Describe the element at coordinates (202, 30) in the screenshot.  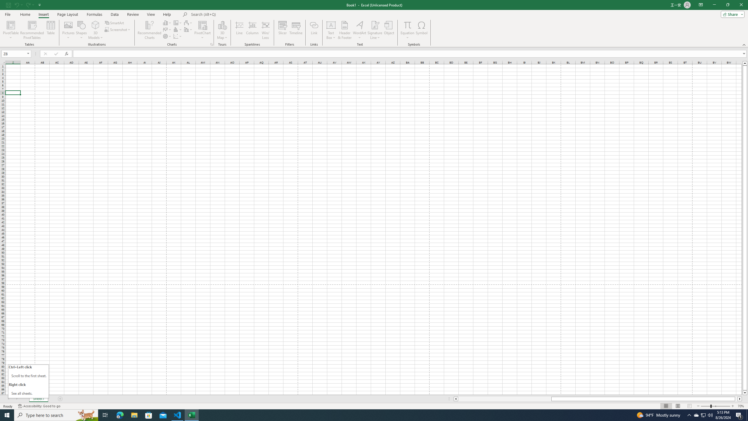
I see `'PivotChart'` at that location.